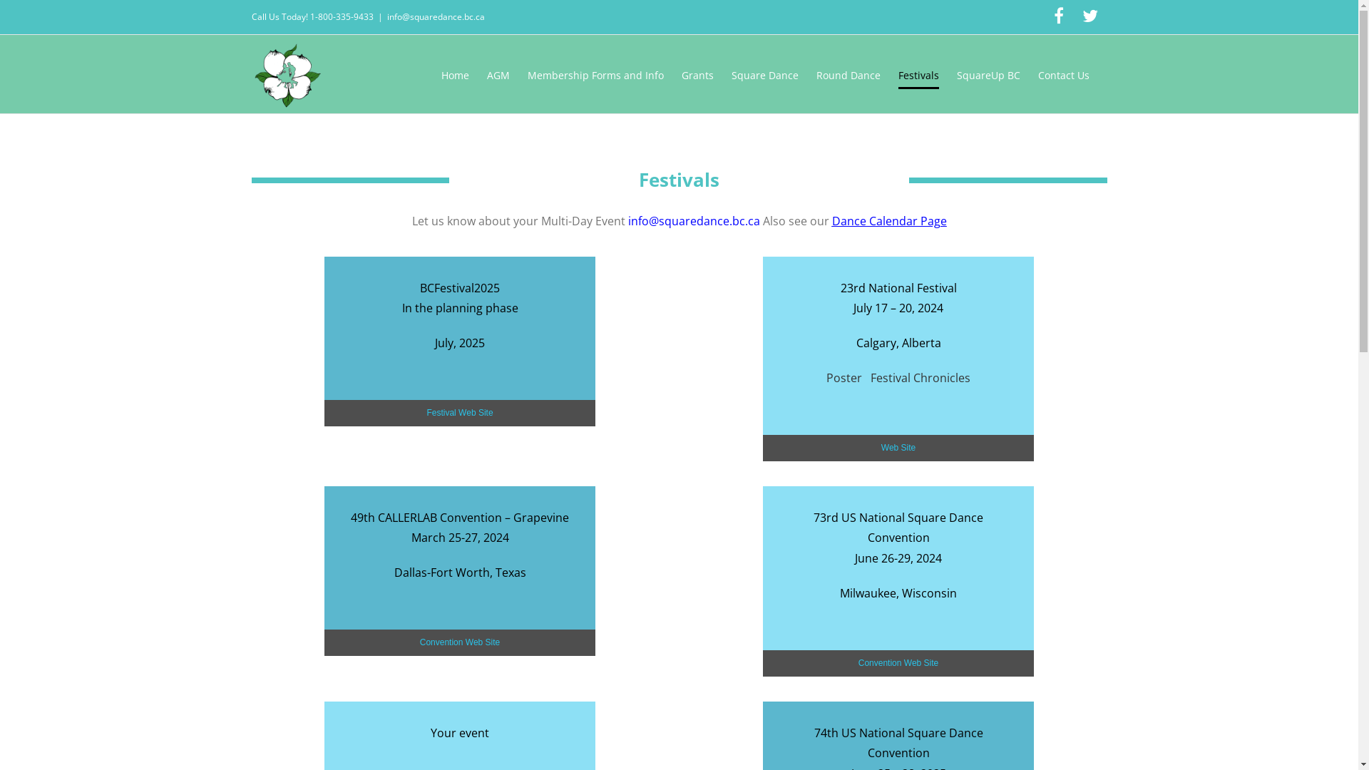  I want to click on 'AGM', so click(497, 75).